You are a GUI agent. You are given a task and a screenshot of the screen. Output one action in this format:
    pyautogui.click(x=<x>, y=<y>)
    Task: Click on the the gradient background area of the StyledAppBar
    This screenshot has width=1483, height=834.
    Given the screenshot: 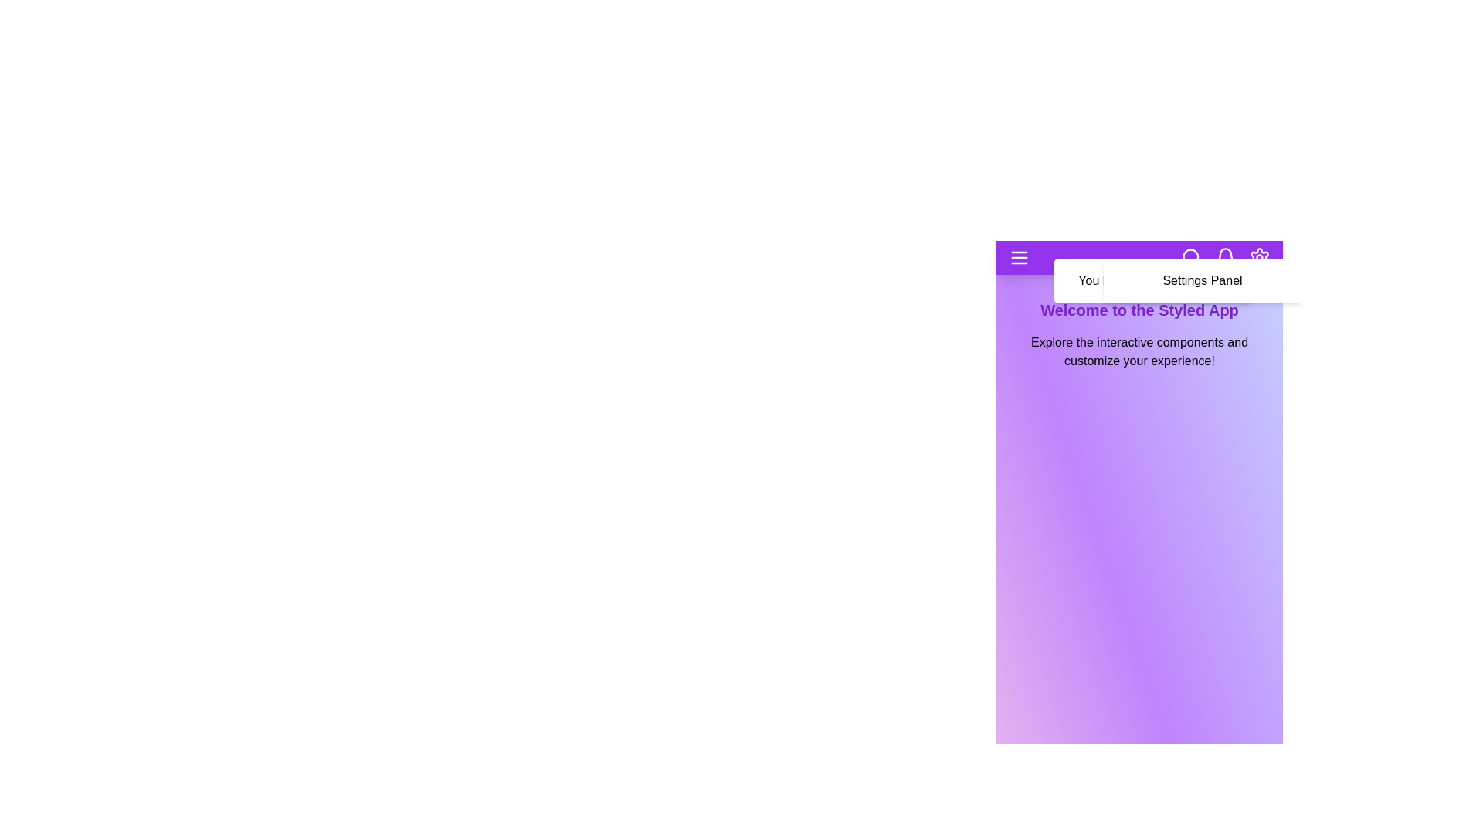 What is the action you would take?
    pyautogui.click(x=1139, y=658)
    